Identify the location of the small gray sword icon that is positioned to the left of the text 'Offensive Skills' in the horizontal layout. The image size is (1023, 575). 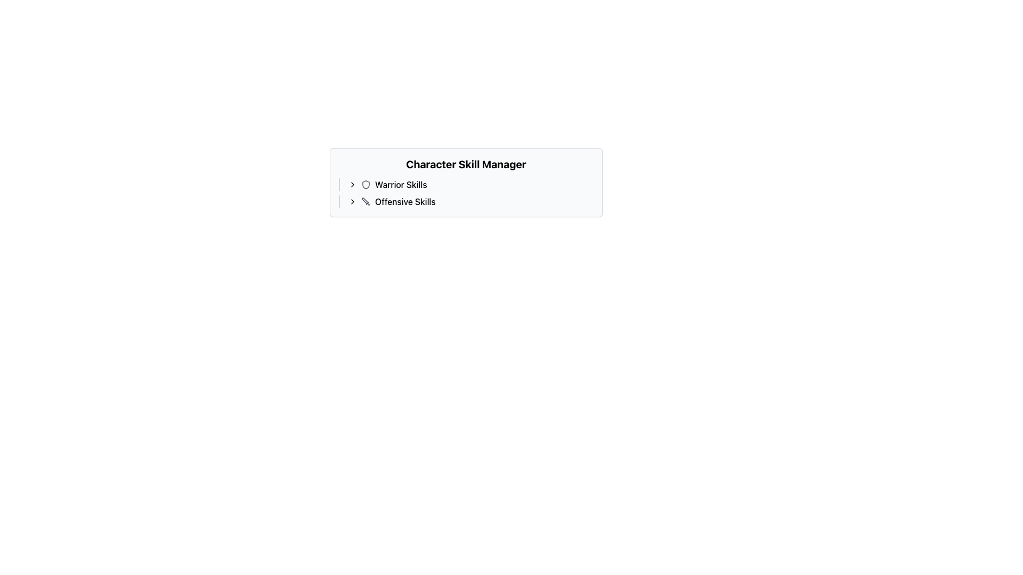
(366, 201).